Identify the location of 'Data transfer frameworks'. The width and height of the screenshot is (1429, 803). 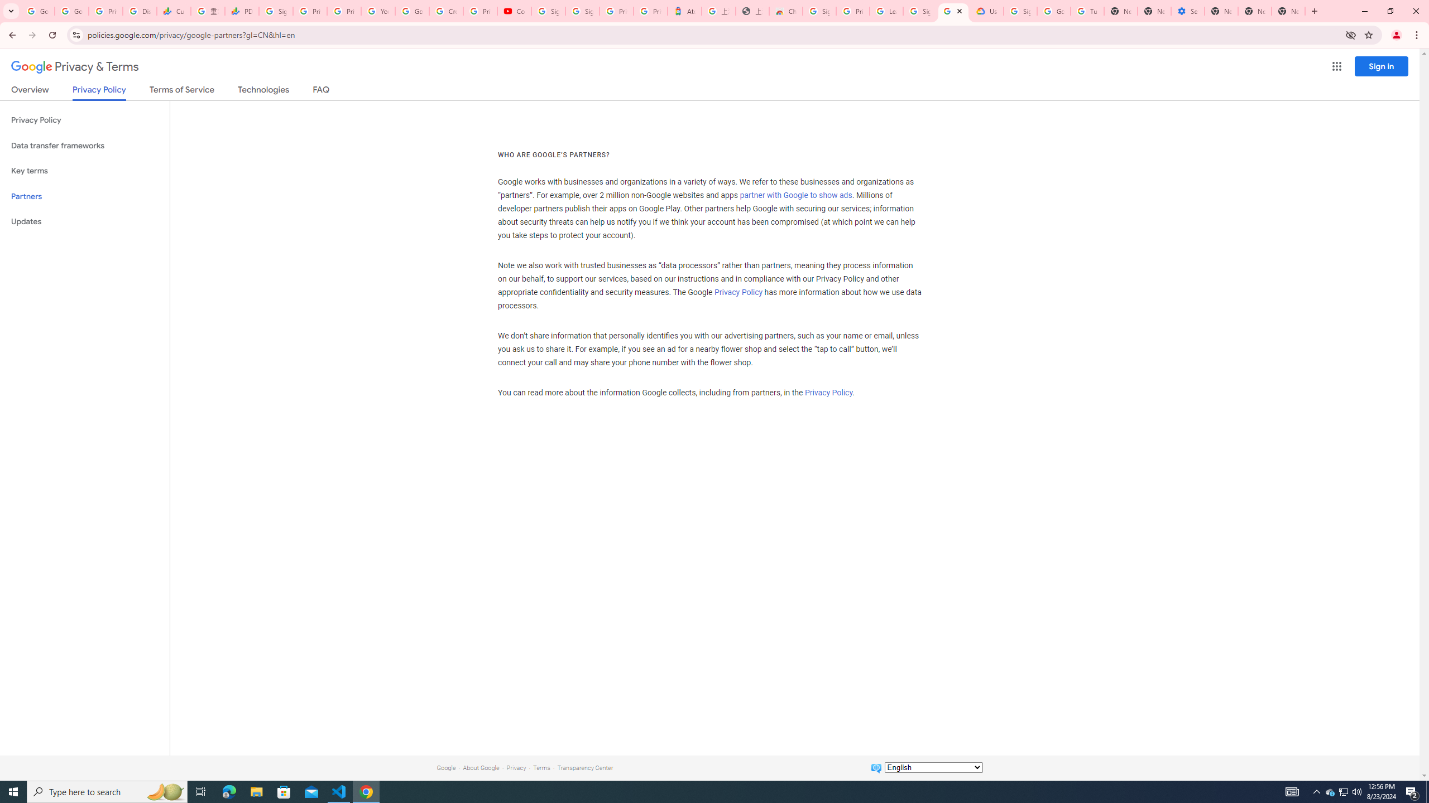
(84, 145).